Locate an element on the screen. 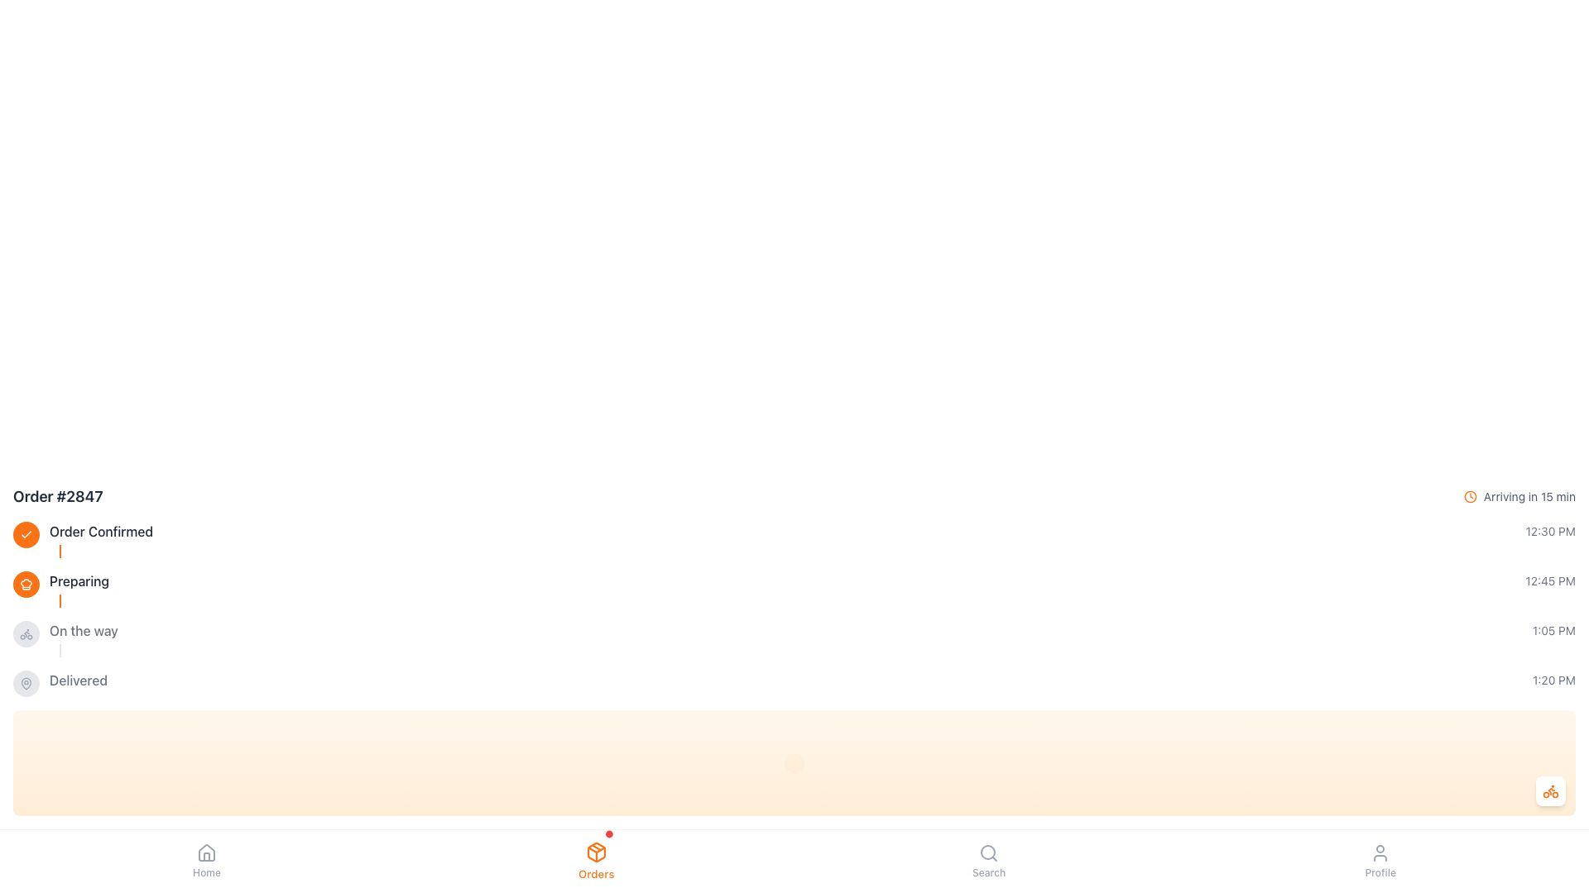 The width and height of the screenshot is (1589, 893). text of the 'Preparing' status label, which is a medium-weight dark gray text aligned in a list of order statuses is located at coordinates (79, 580).